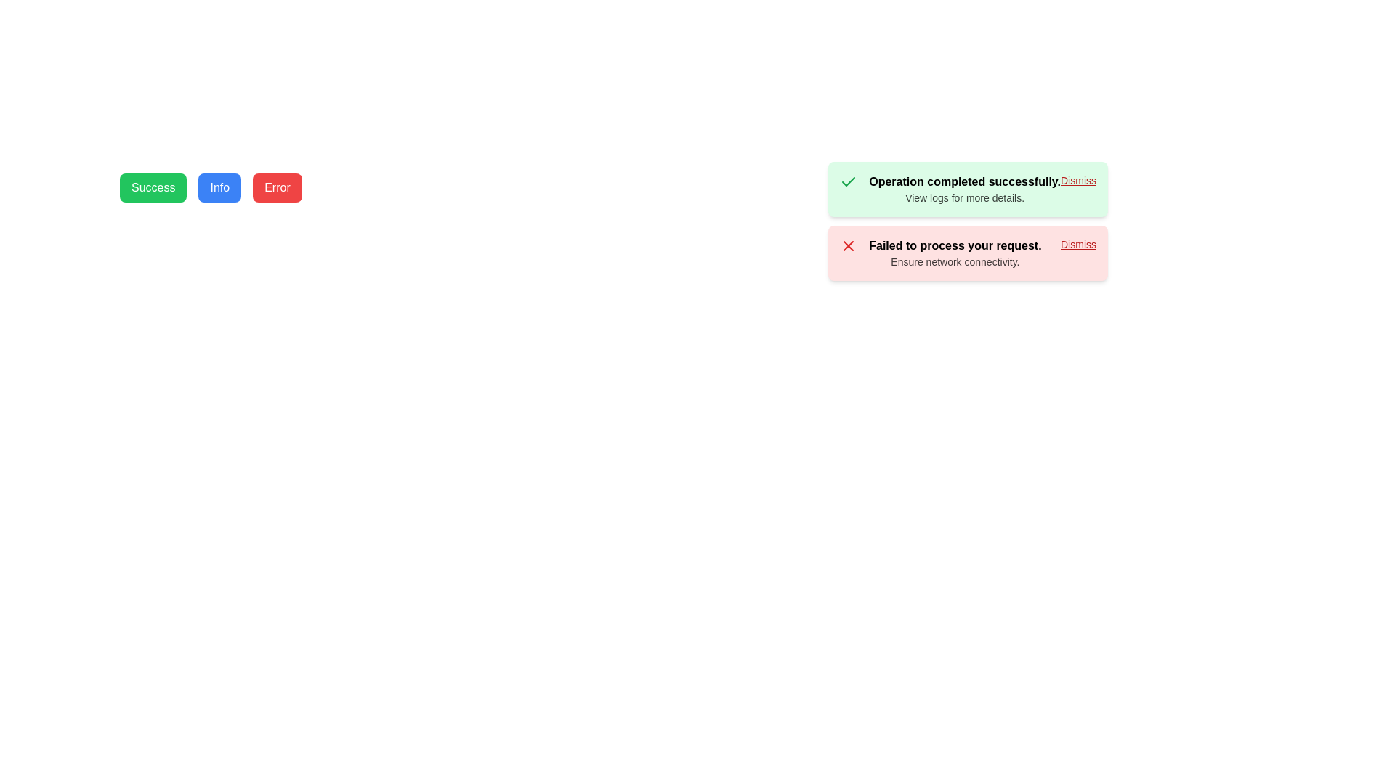 This screenshot has width=1395, height=784. I want to click on the 'Dismiss' link in the Notification box that alerts the user about a failure in processing their request, located in the bottom notification area beneath a green success notification box, so click(968, 252).